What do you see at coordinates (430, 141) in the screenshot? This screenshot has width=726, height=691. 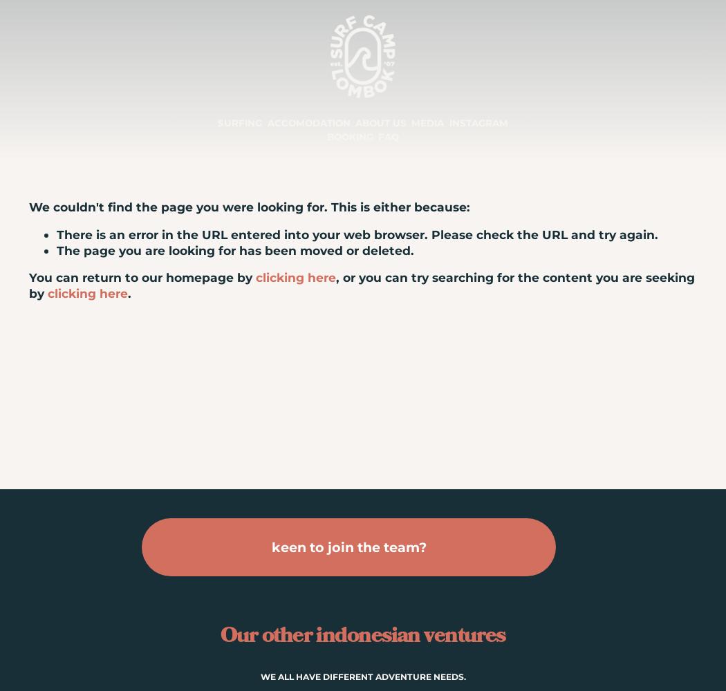 I see `'VIDEOS'` at bounding box center [430, 141].